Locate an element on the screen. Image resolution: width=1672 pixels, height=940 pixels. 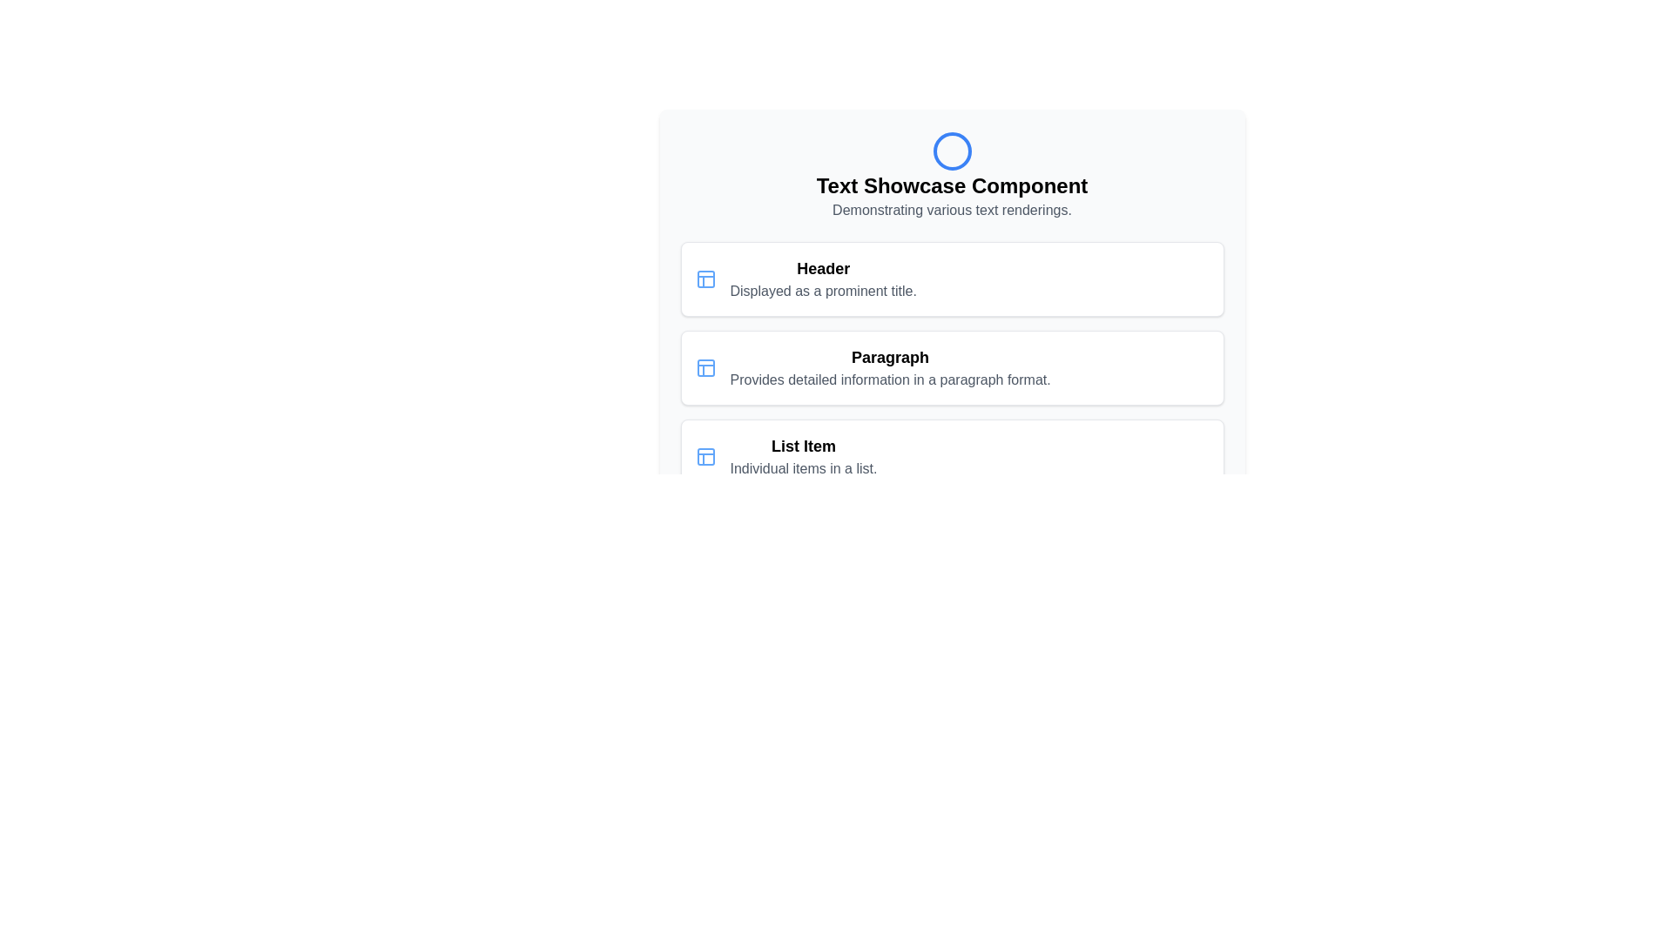
the blue rounded rectangle element located beside the 'Header' text in the top-left corner layout icon is located at coordinates (705, 278).